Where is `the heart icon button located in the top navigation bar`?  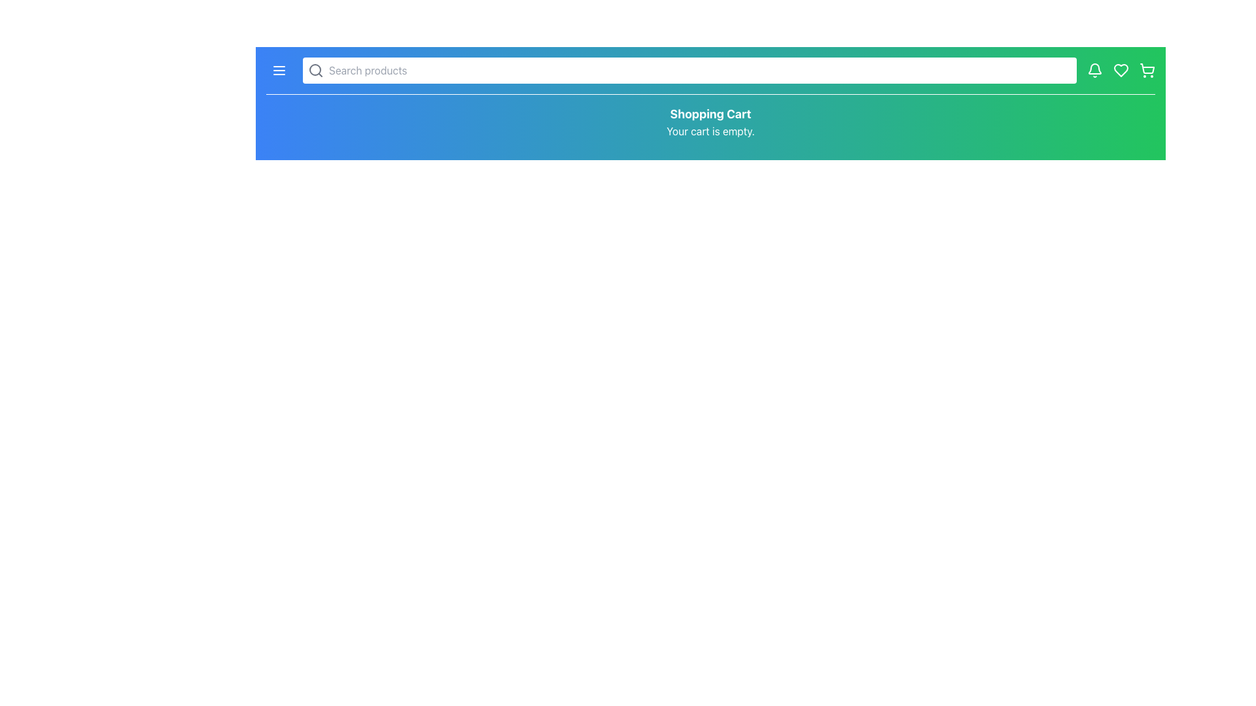 the heart icon button located in the top navigation bar is located at coordinates (1120, 71).